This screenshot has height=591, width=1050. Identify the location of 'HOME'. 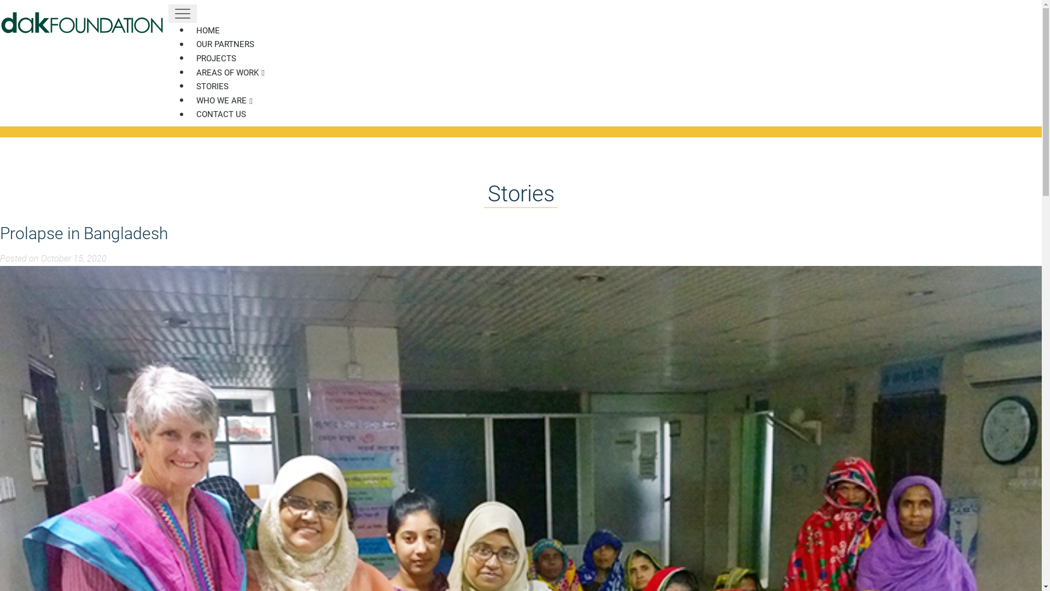
(208, 30).